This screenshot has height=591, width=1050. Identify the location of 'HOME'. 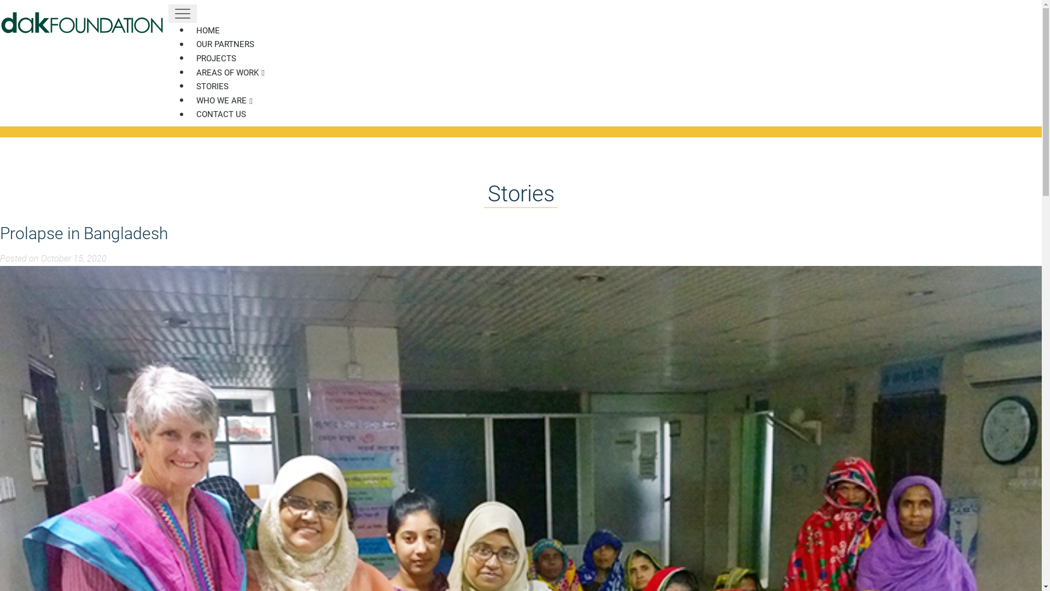
(208, 30).